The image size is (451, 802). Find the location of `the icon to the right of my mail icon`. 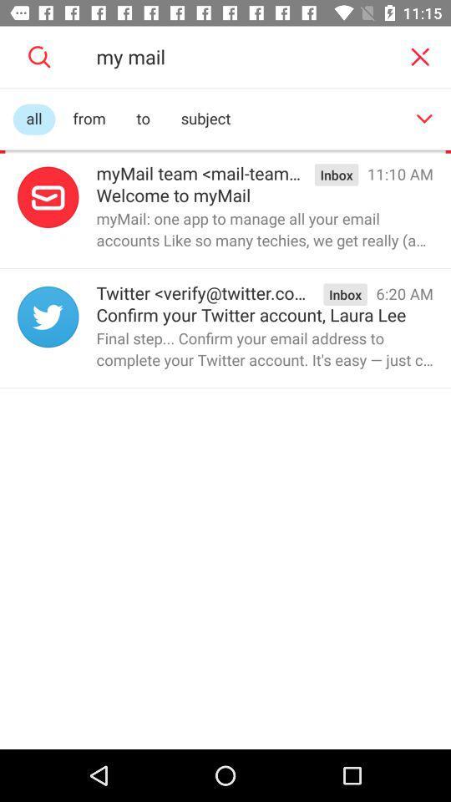

the icon to the right of my mail icon is located at coordinates (419, 57).